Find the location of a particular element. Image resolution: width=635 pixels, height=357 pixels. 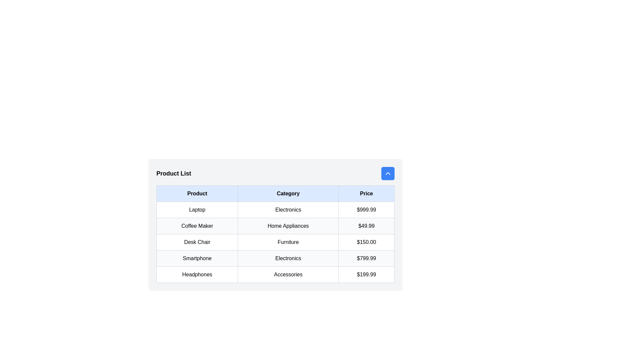

the 'Price' header column in the top-right position of the table, which is styled with a light blue background and bold text is located at coordinates (366, 193).